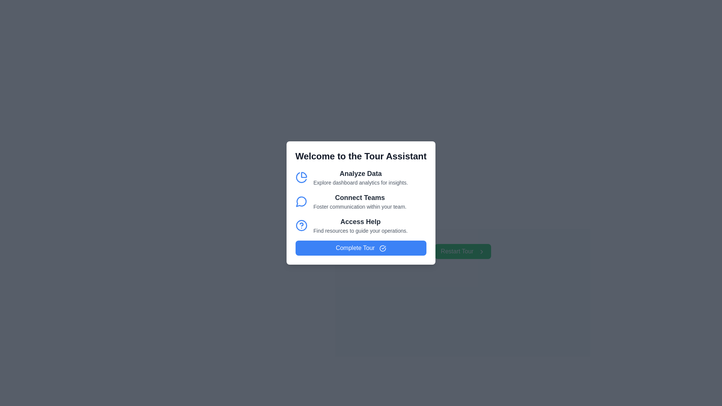  Describe the element at coordinates (301, 225) in the screenshot. I see `the circular SVG Graphics component with a blue stroke, which is part of the help icon located to the right of the 'Access Help' text` at that location.